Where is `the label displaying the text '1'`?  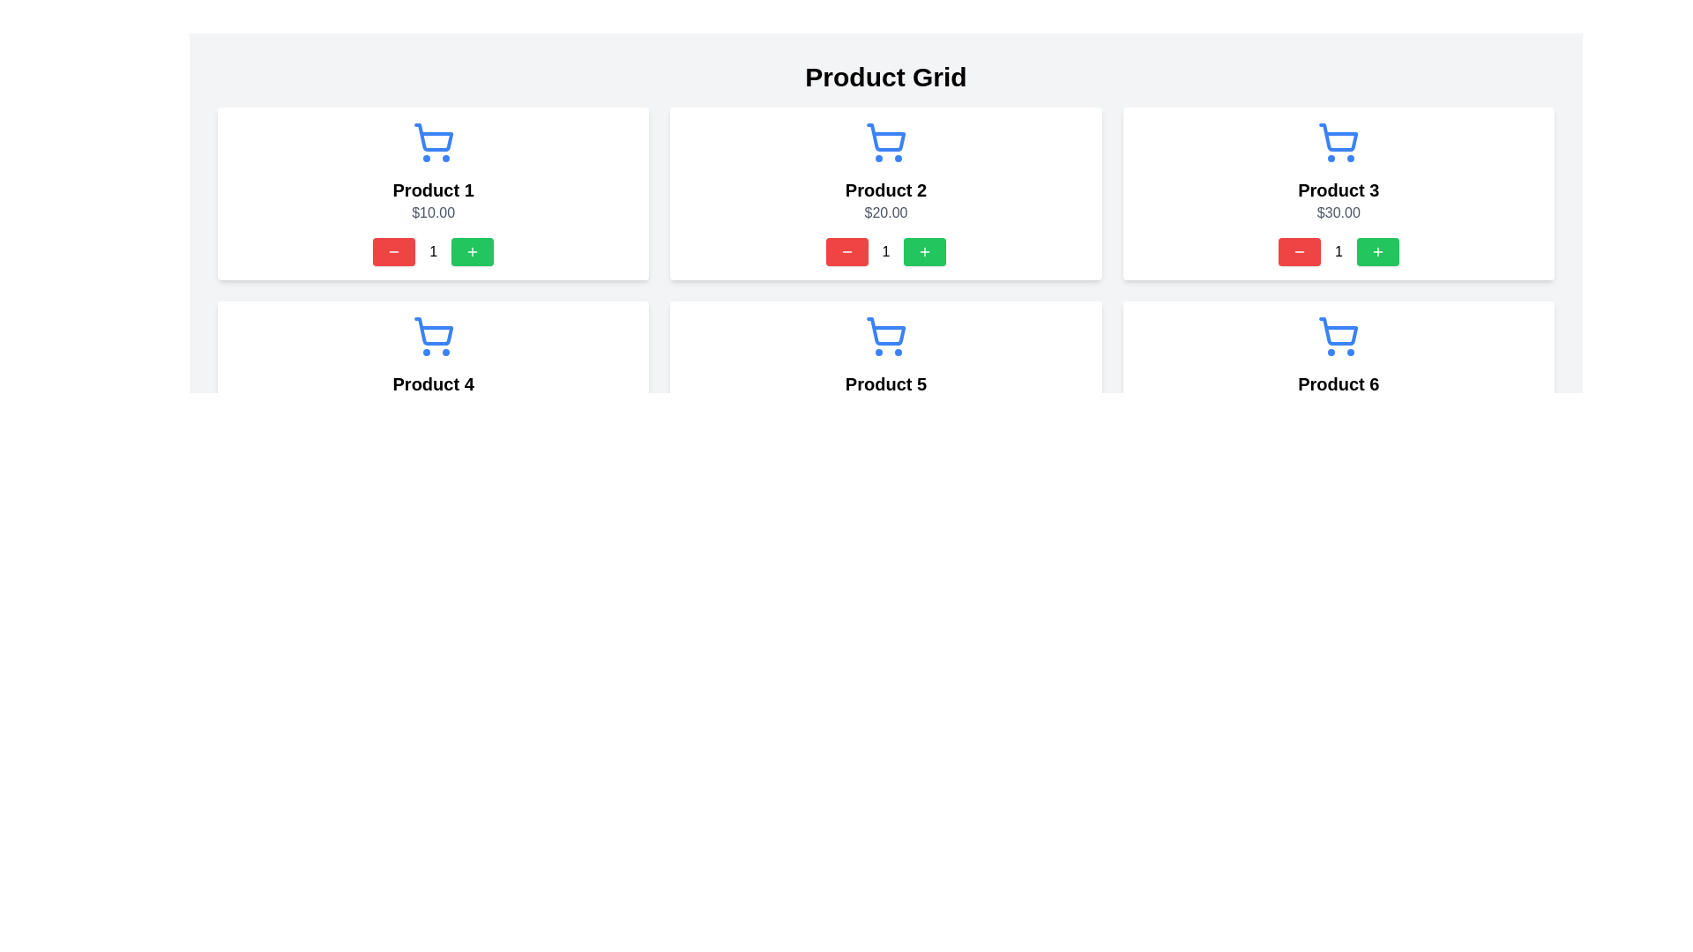
the label displaying the text '1' is located at coordinates (433, 251).